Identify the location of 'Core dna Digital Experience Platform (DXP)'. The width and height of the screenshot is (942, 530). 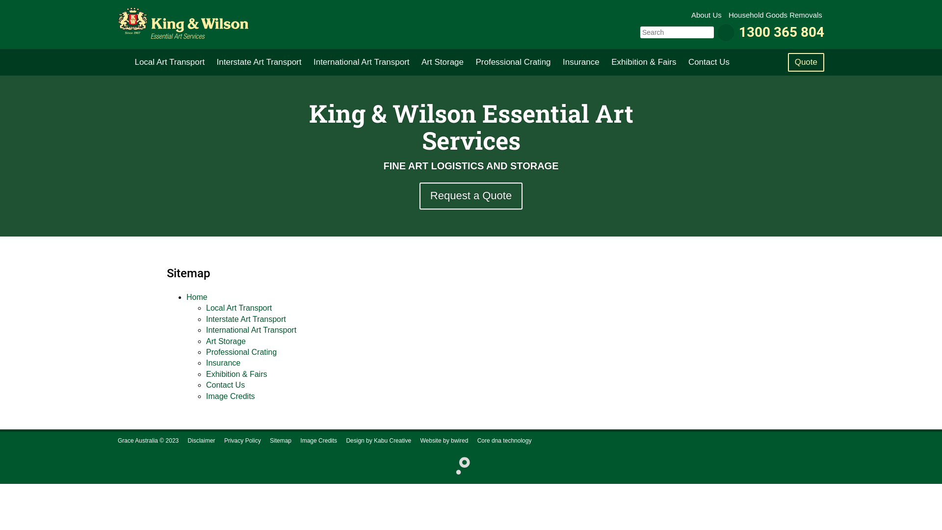
(458, 464).